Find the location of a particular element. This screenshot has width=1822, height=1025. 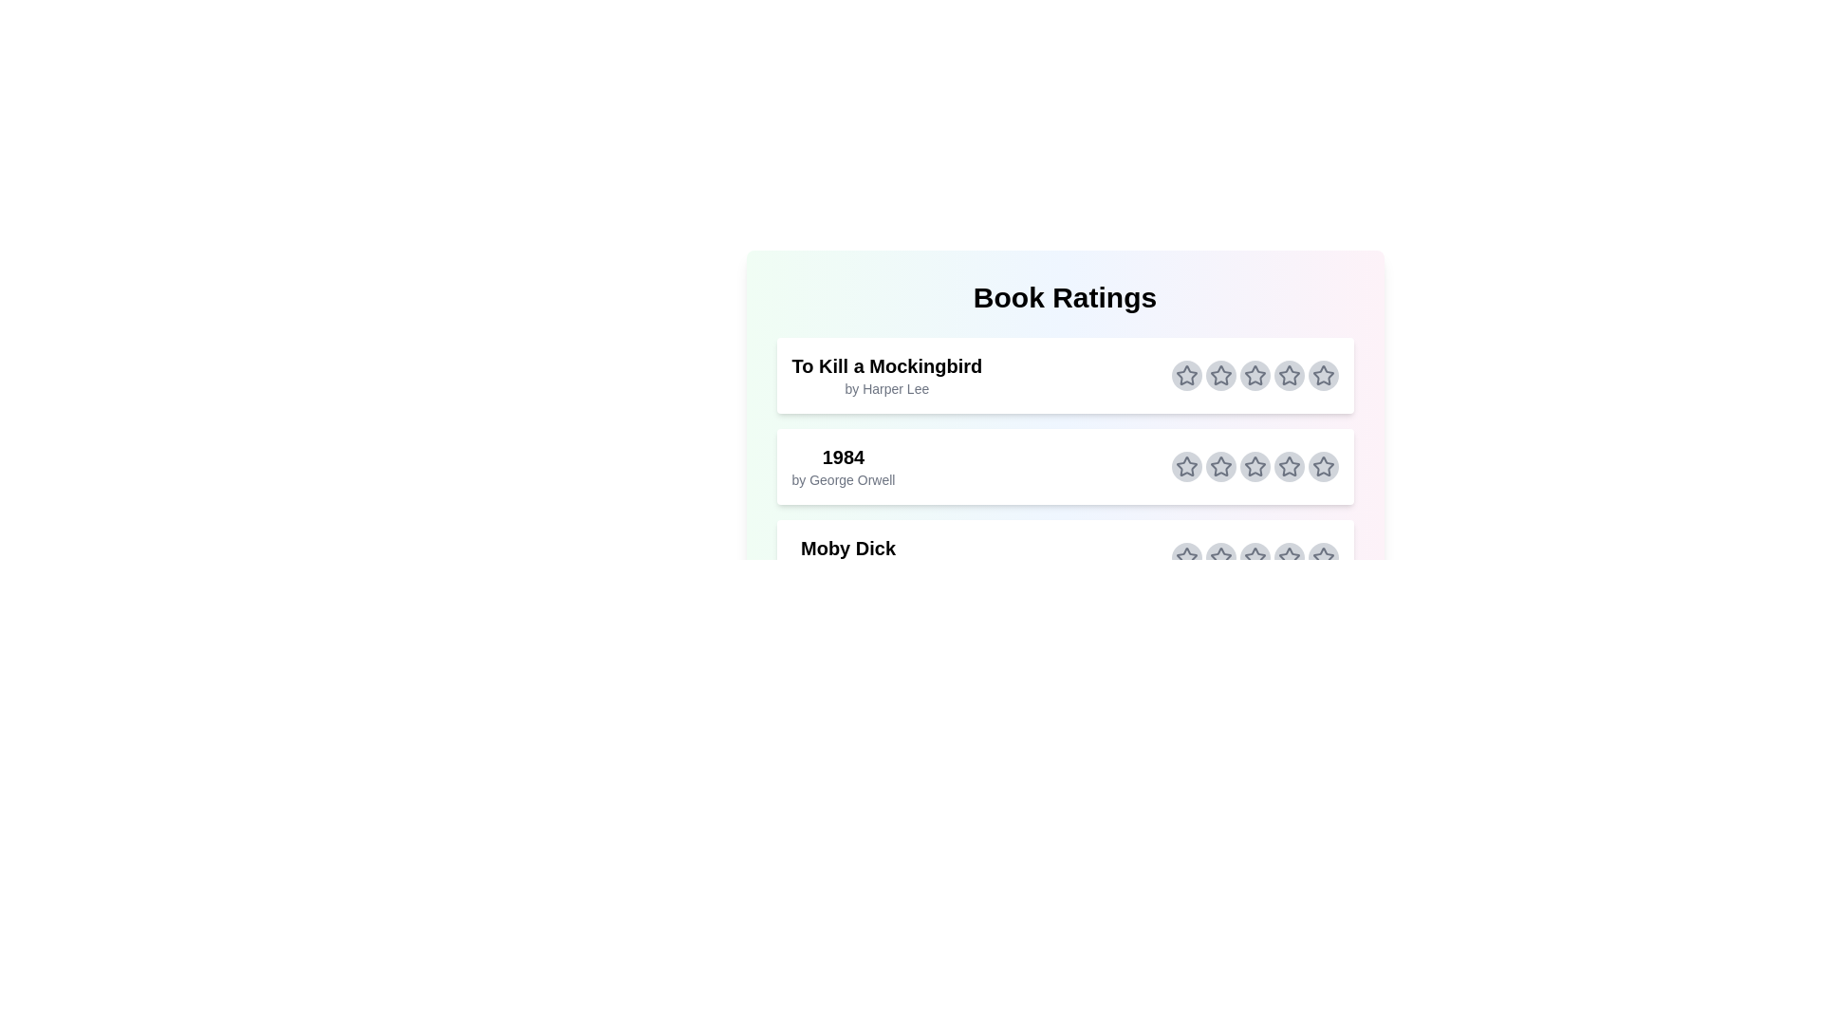

the star corresponding to 5 stars for the book titled 1984 is located at coordinates (1322, 467).